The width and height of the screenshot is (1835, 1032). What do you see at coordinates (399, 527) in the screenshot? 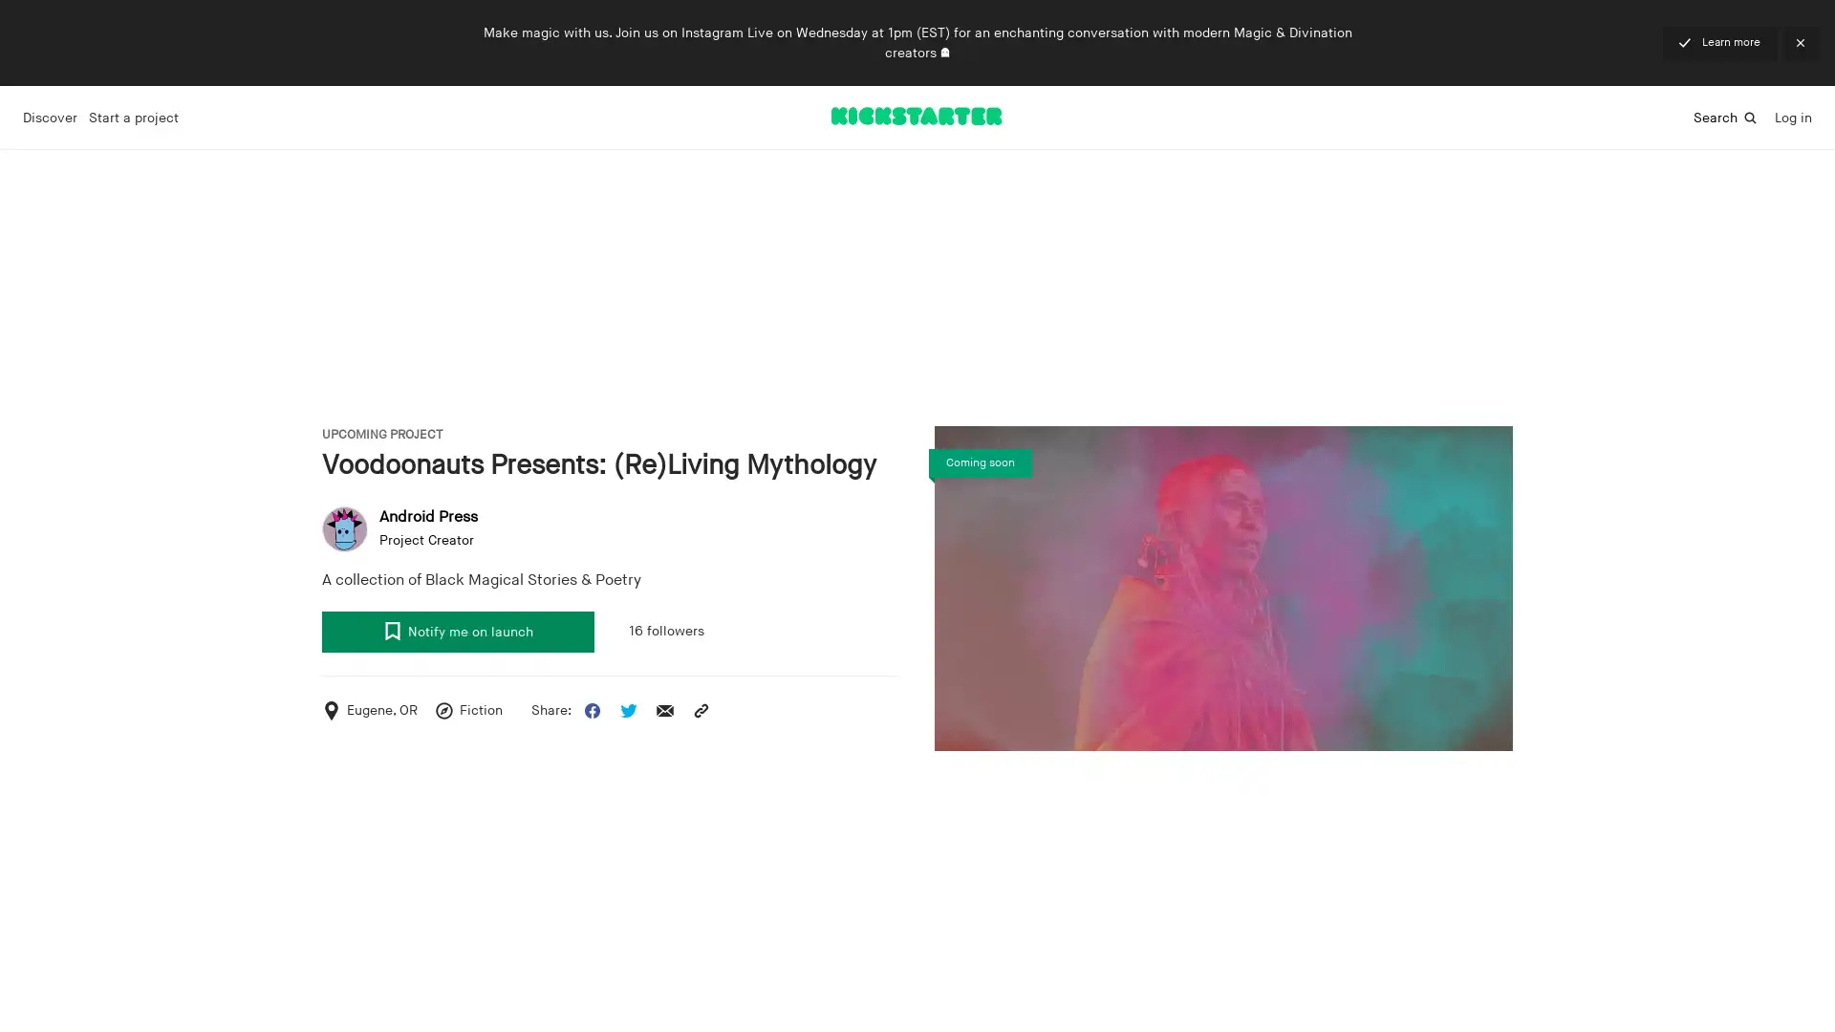
I see `user avatar Android Press Project Creator` at bounding box center [399, 527].